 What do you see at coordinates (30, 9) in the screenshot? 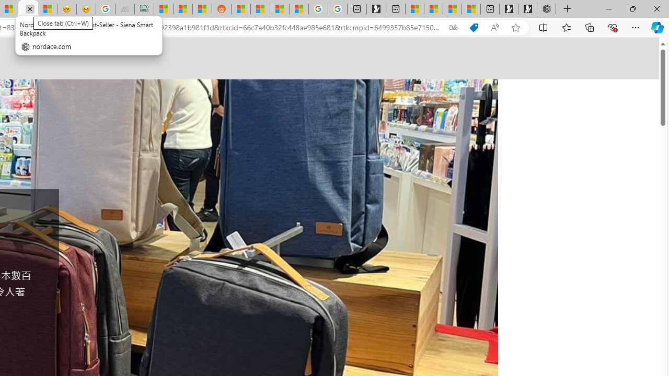
I see `'Close tab'` at bounding box center [30, 9].